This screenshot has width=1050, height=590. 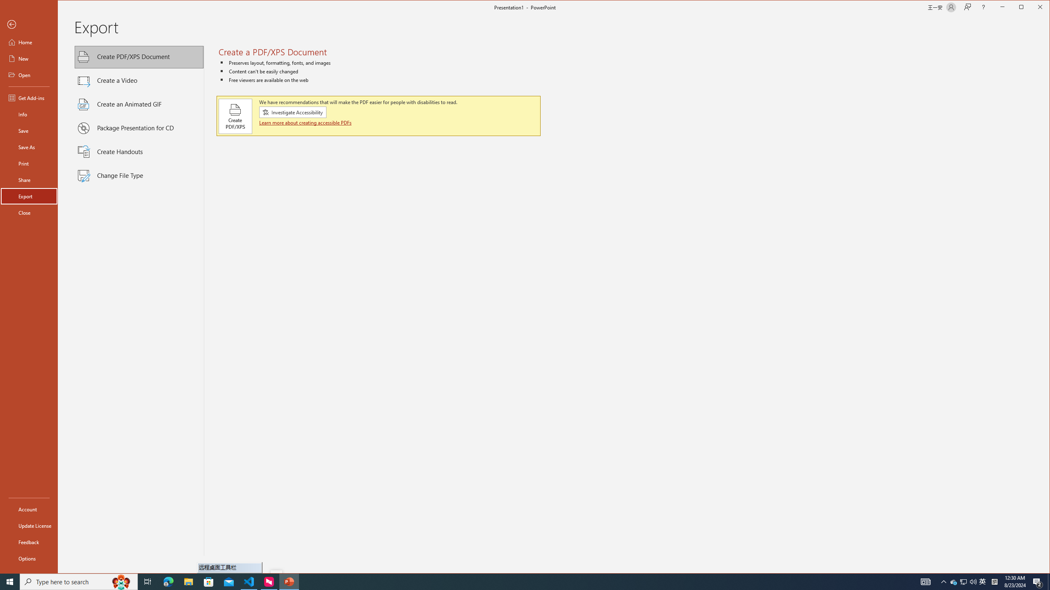 I want to click on 'PowerPoint - 1 running window', so click(x=289, y=581).